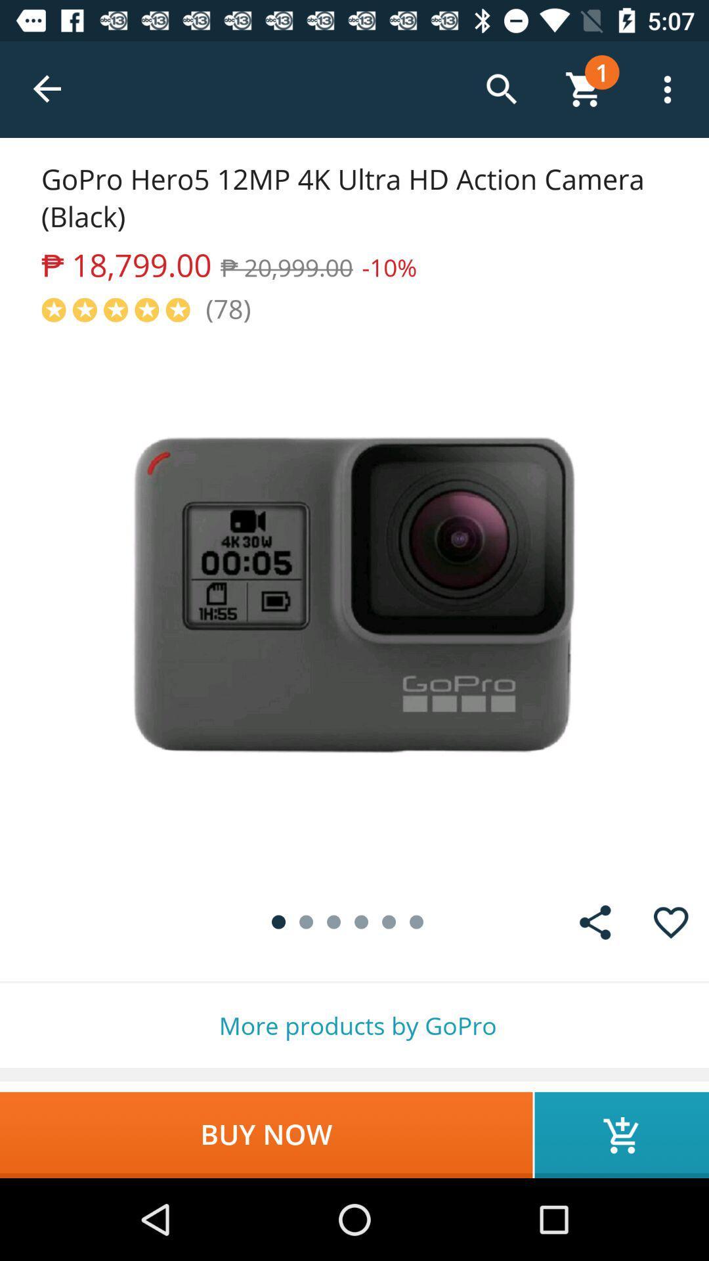  Describe the element at coordinates (354, 604) in the screenshot. I see `zoom in on image` at that location.